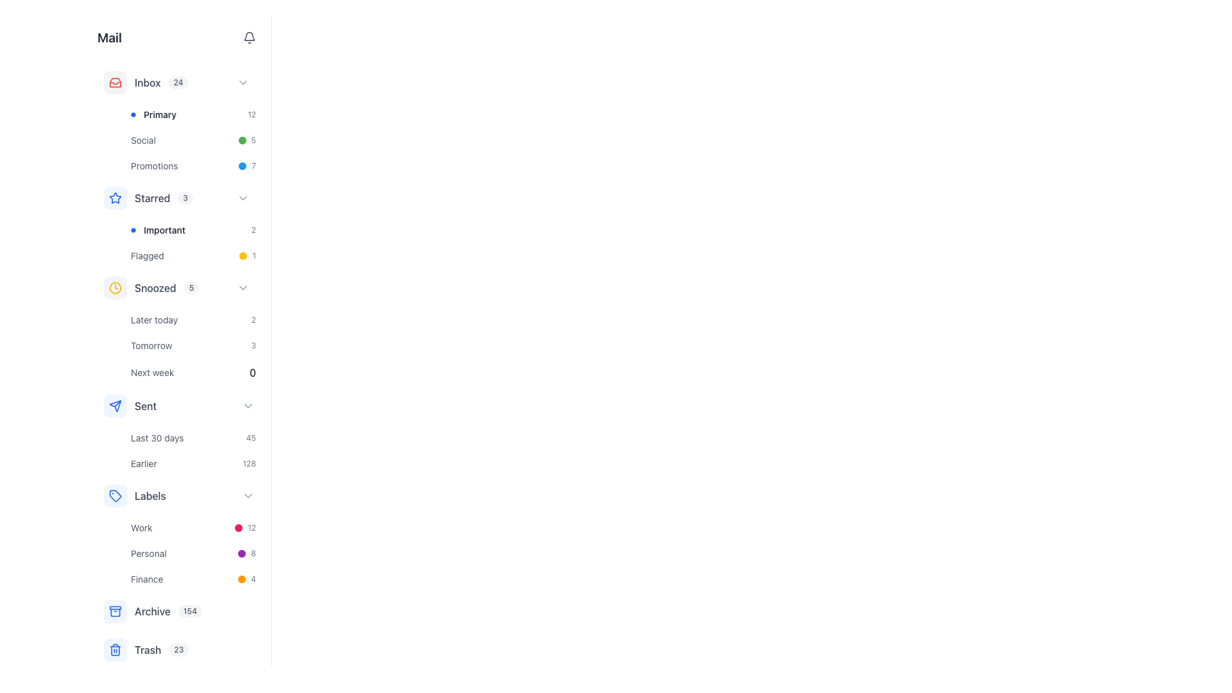 This screenshot has height=693, width=1232. Describe the element at coordinates (178, 82) in the screenshot. I see `the displayed number on the unread messages badge located next to the 'Inbox' label in the left navigation menu` at that location.